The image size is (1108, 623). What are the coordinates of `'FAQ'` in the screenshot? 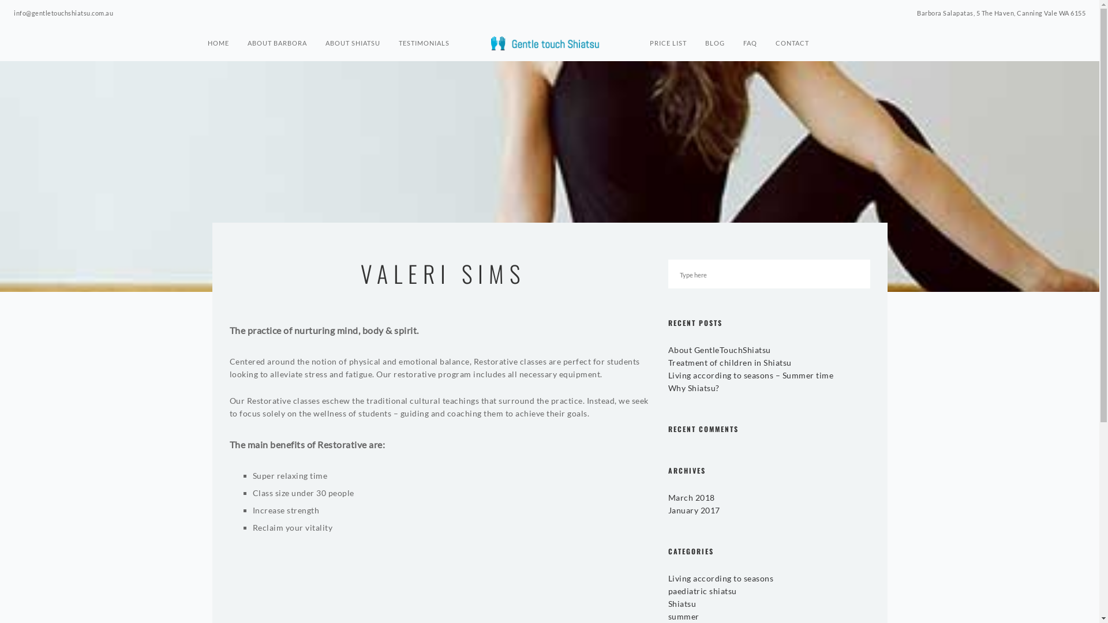 It's located at (750, 43).